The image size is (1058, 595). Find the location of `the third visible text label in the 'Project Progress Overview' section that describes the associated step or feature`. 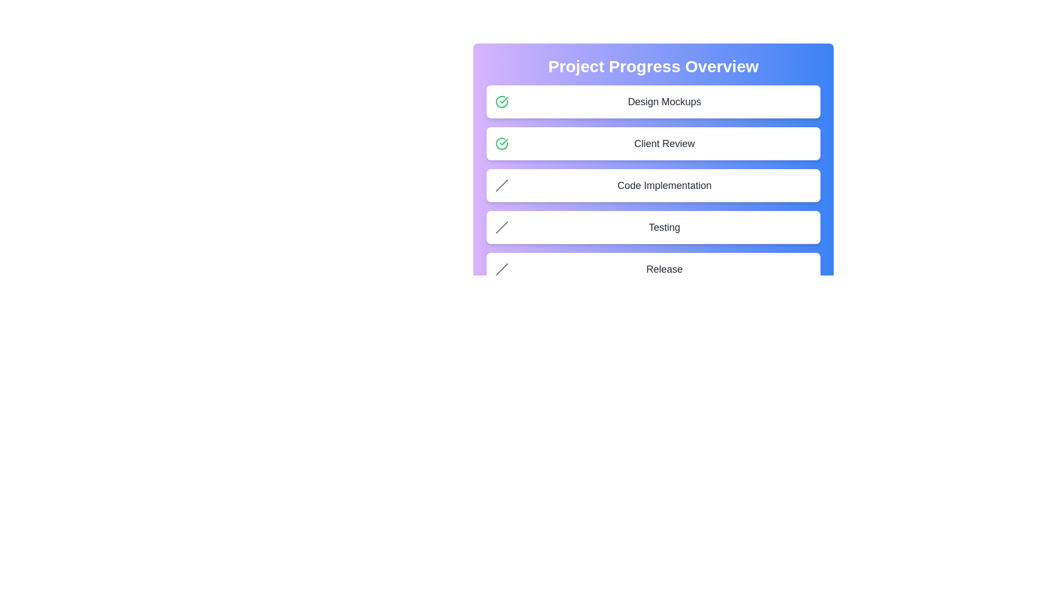

the third visible text label in the 'Project Progress Overview' section that describes the associated step or feature is located at coordinates (663, 185).